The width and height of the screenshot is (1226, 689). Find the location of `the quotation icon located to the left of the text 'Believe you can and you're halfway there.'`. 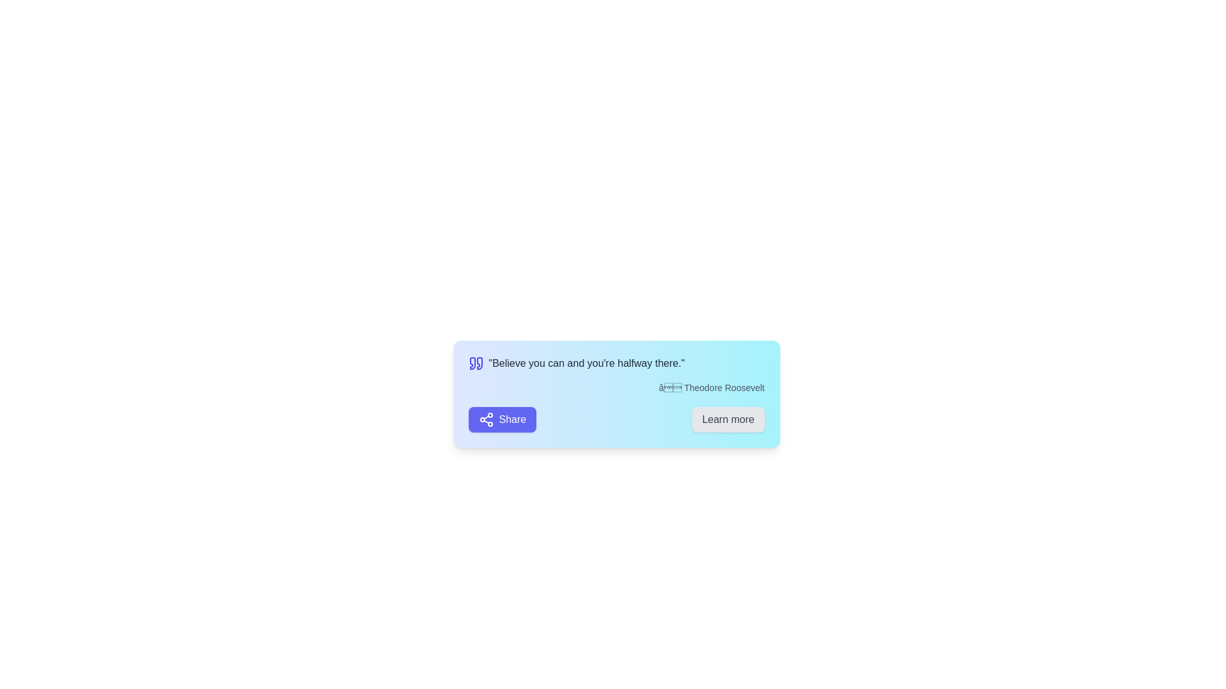

the quotation icon located to the left of the text 'Believe you can and you're halfway there.' is located at coordinates (475, 364).